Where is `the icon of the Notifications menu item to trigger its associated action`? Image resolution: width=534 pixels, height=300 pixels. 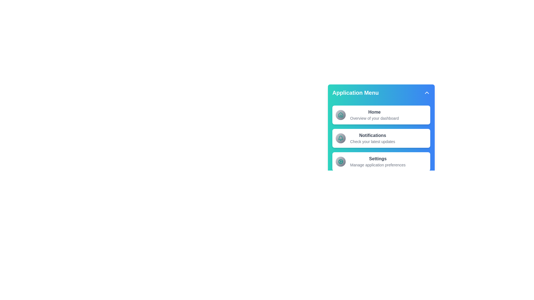 the icon of the Notifications menu item to trigger its associated action is located at coordinates (340, 138).